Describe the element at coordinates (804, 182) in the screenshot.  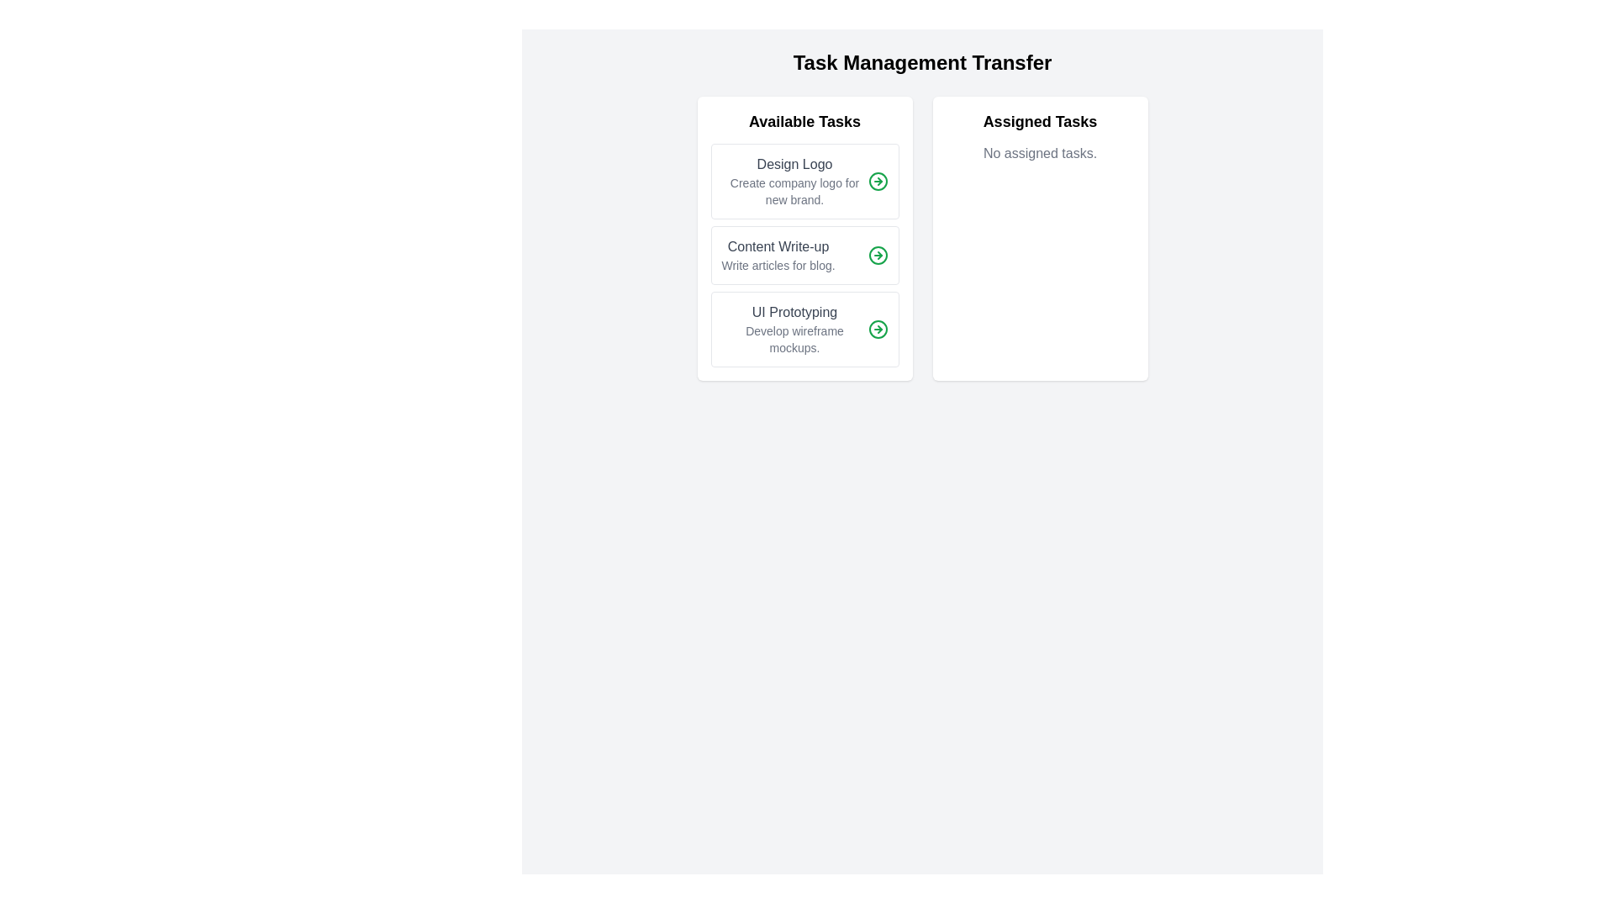
I see `task information from the 'Design Logo' card, which is the first card in the 'Available Tasks' column, featuring a light gray background, a bold title, and a description` at that location.